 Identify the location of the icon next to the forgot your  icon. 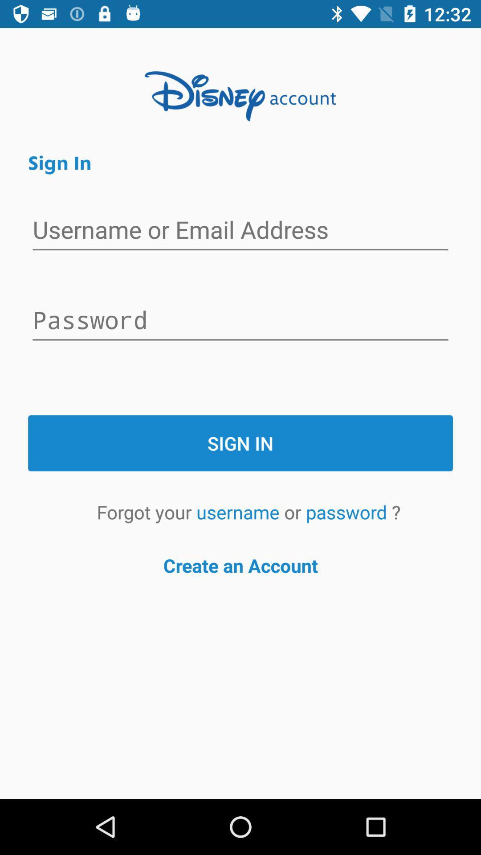
(240, 512).